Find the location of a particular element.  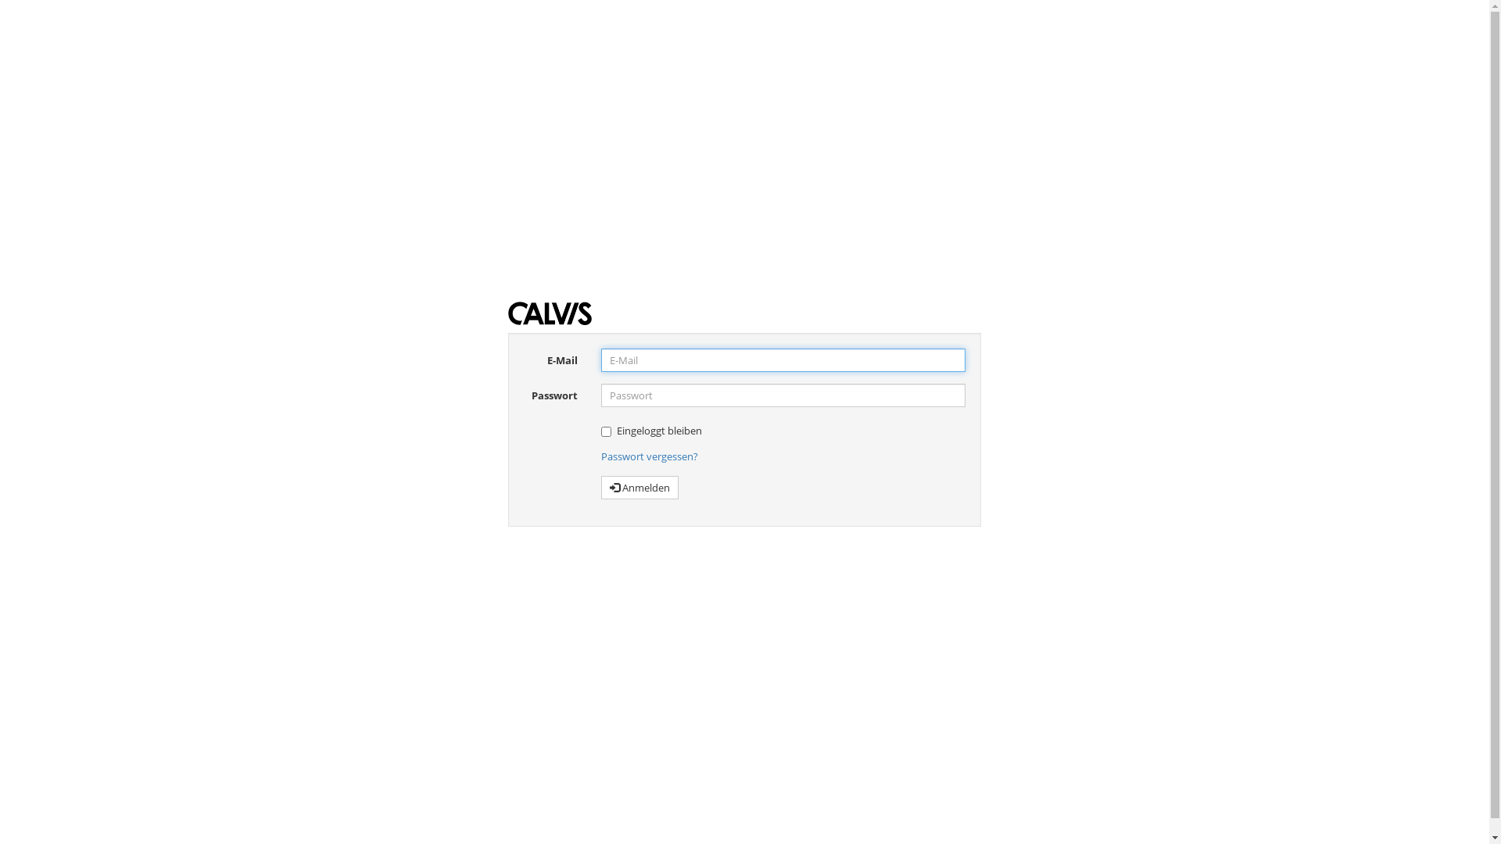

'Anmelden' is located at coordinates (639, 487).